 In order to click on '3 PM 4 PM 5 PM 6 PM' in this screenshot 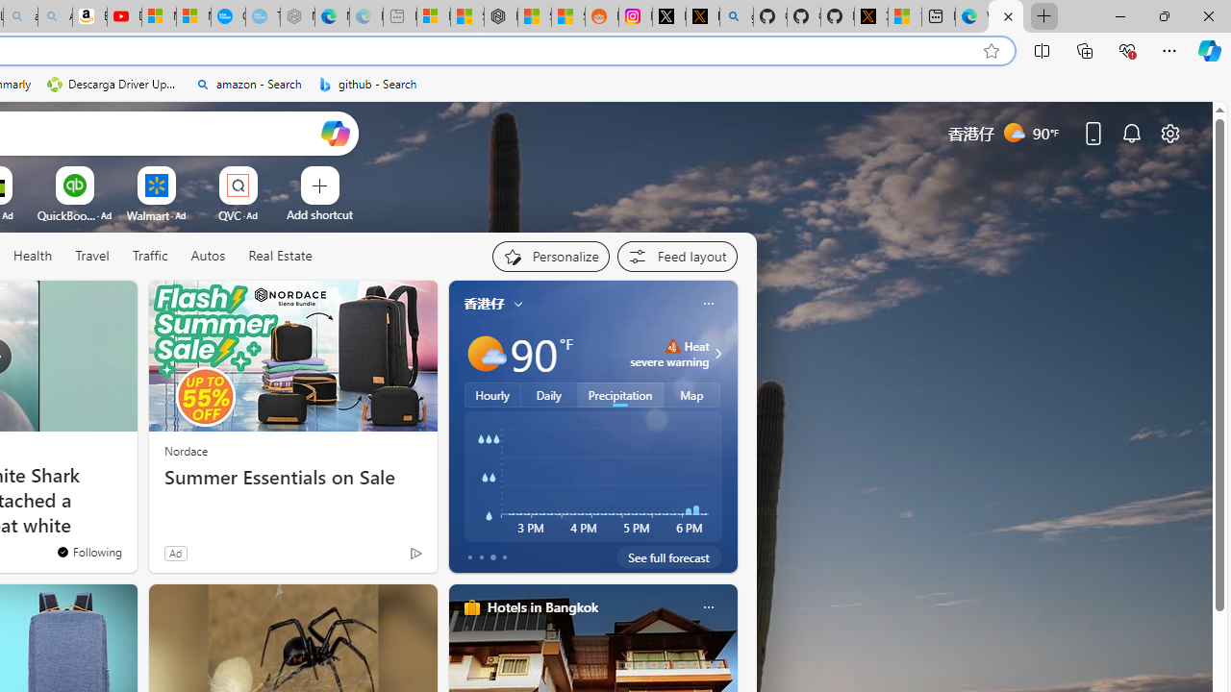, I will do `click(591, 476)`.